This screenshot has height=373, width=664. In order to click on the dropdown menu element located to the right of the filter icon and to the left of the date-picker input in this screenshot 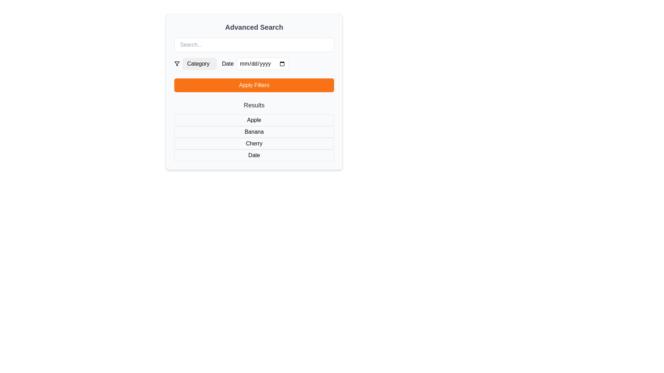, I will do `click(199, 64)`.